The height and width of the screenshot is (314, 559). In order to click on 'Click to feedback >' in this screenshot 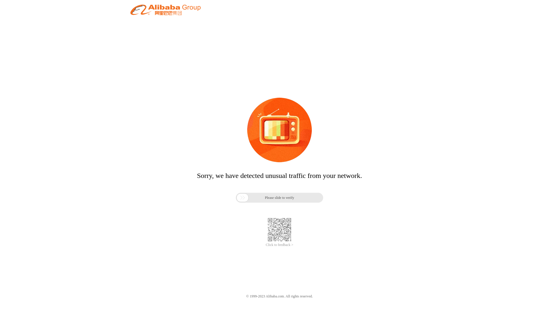, I will do `click(265, 245)`.